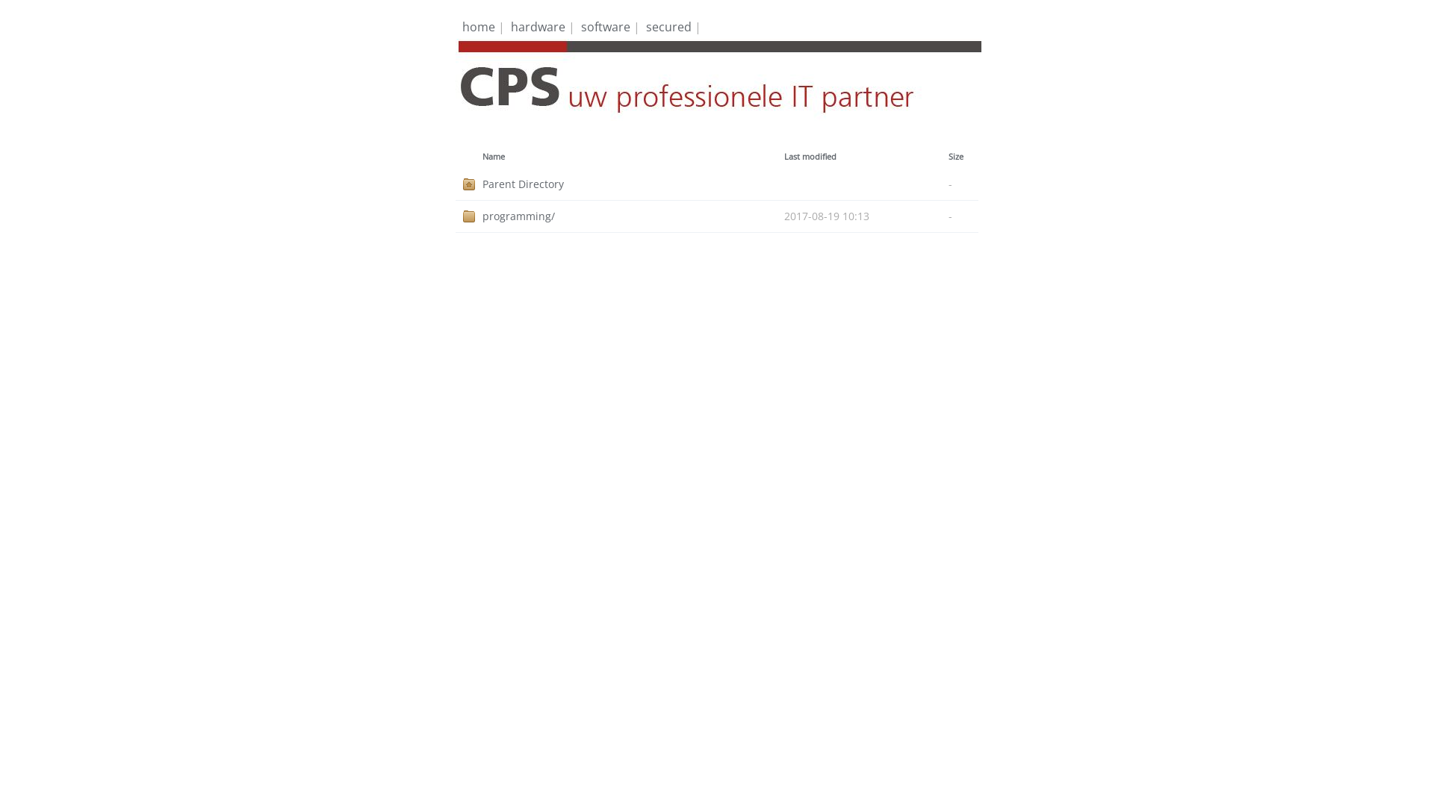  What do you see at coordinates (482, 216) in the screenshot?
I see `'programming/'` at bounding box center [482, 216].